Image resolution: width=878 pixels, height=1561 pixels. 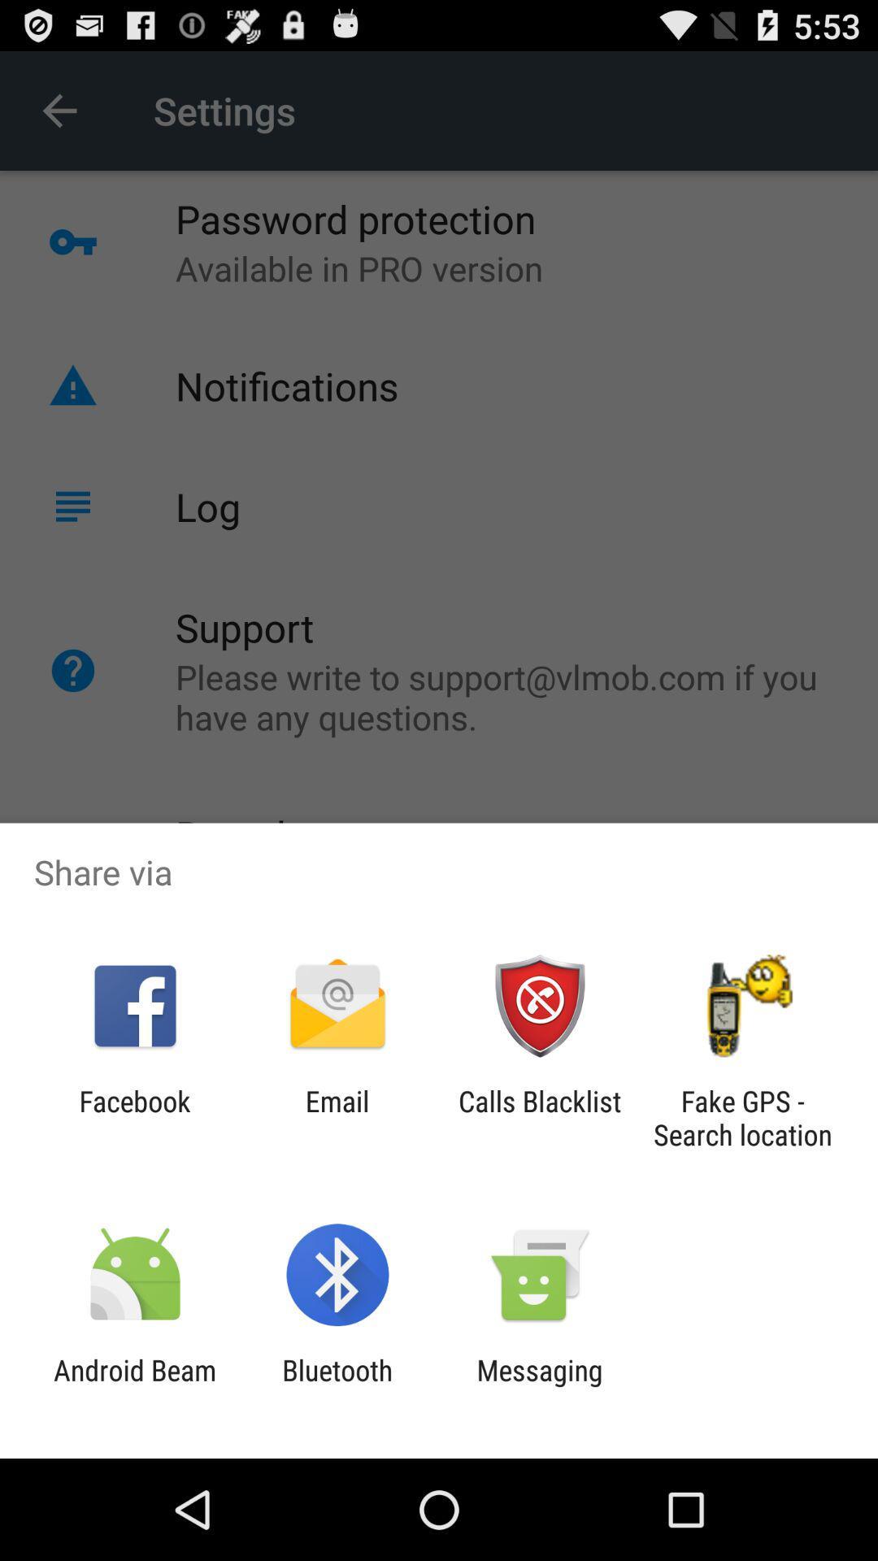 What do you see at coordinates (134, 1117) in the screenshot?
I see `icon to the left of email item` at bounding box center [134, 1117].